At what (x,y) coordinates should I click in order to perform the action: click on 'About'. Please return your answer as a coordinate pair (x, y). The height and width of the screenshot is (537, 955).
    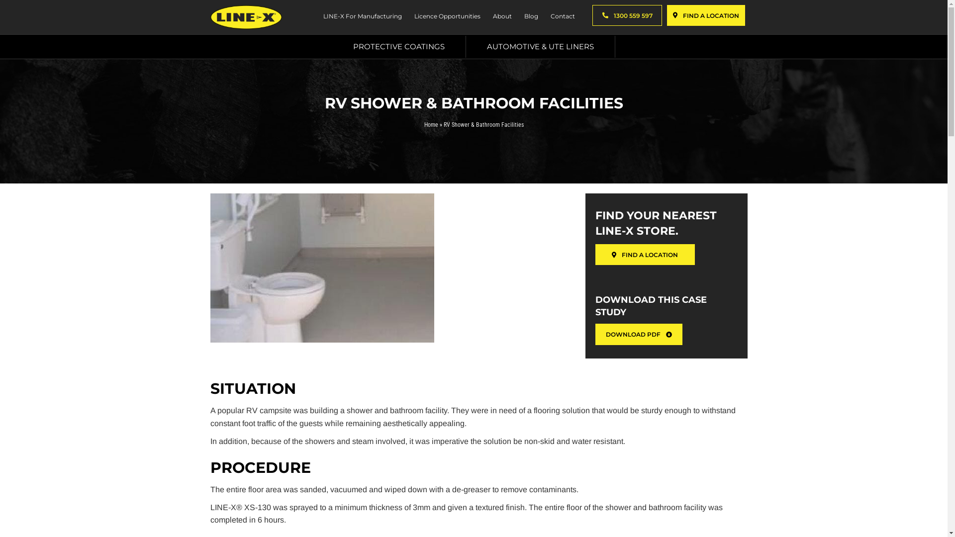
    Looking at the image, I should click on (501, 17).